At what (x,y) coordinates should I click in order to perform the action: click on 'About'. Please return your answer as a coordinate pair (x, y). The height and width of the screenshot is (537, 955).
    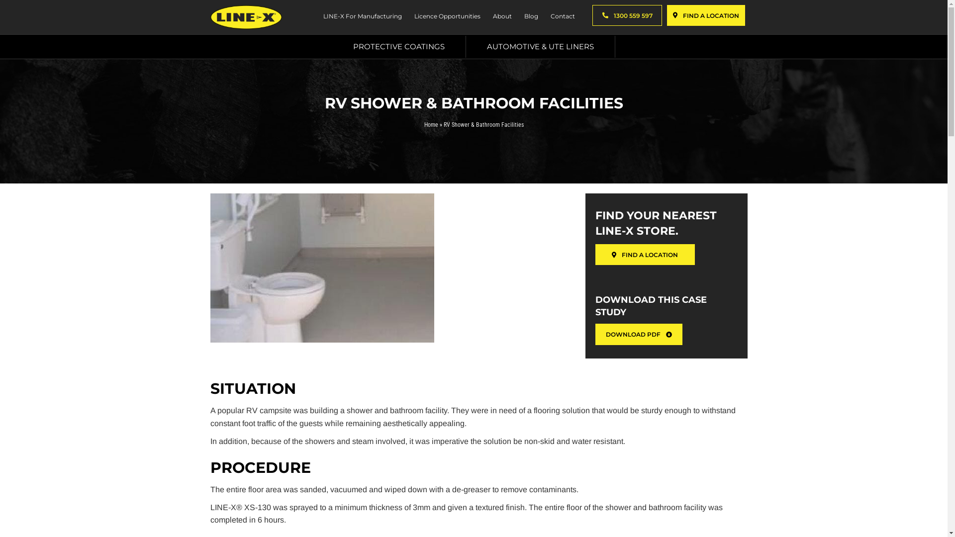
    Looking at the image, I should click on (501, 17).